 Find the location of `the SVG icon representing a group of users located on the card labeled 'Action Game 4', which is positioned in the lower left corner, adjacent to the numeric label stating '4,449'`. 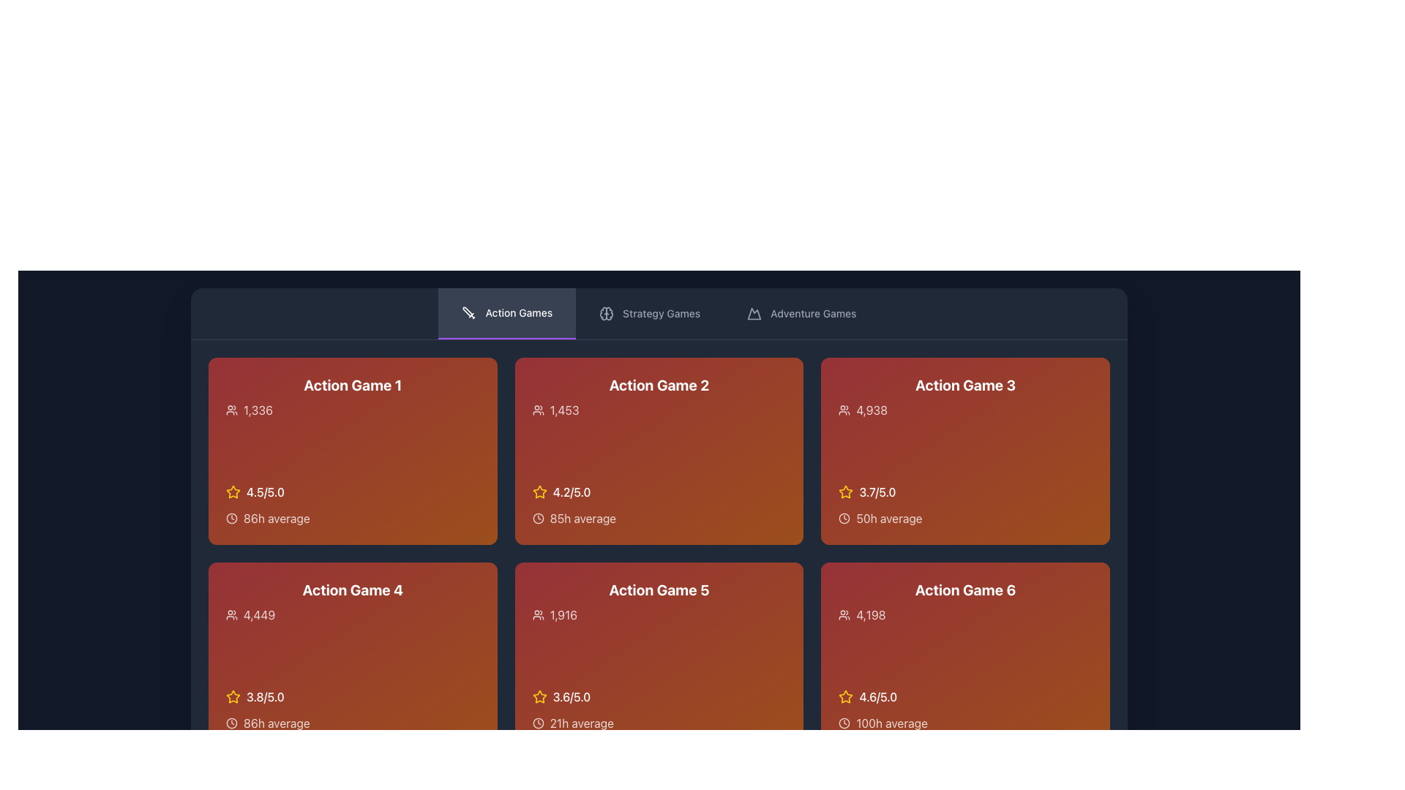

the SVG icon representing a group of users located on the card labeled 'Action Game 4', which is positioned in the lower left corner, adjacent to the numeric label stating '4,449' is located at coordinates (231, 614).